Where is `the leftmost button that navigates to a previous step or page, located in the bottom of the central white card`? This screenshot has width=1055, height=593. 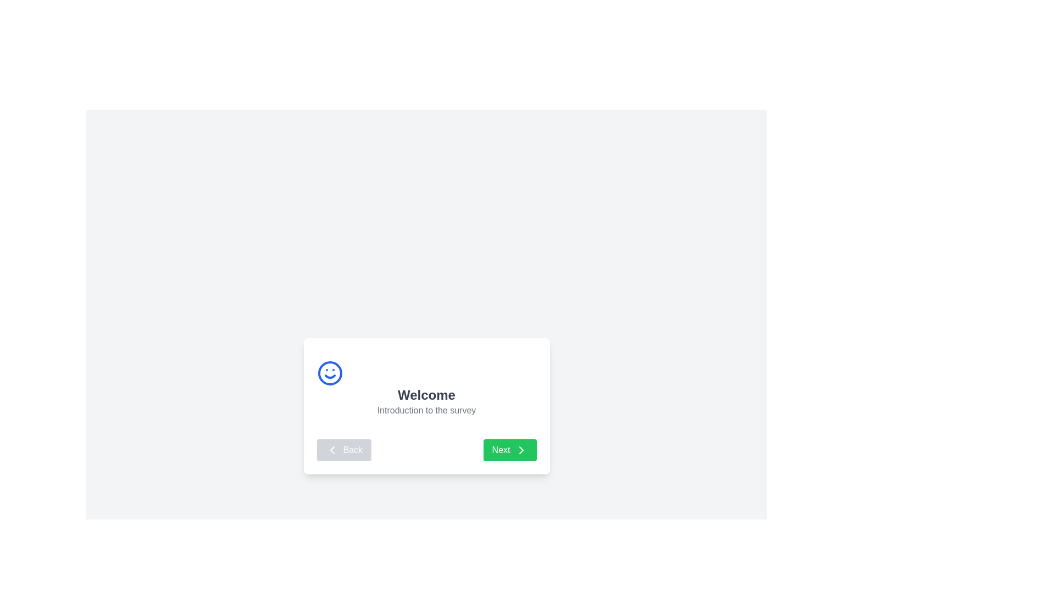
the leftmost button that navigates to a previous step or page, located in the bottom of the central white card is located at coordinates (343, 450).